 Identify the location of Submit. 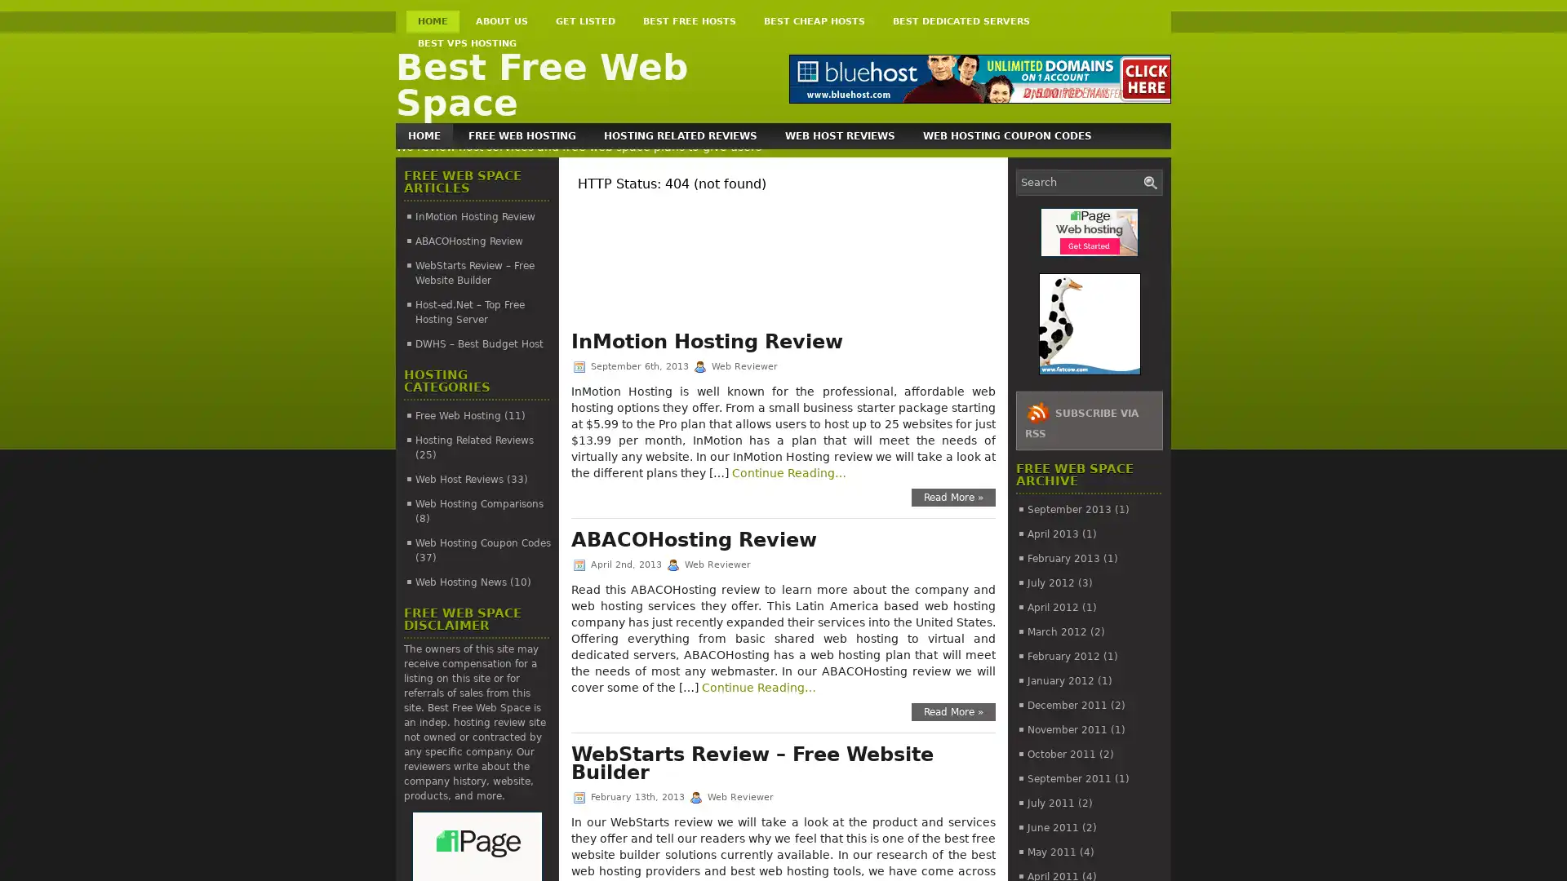
(1151, 182).